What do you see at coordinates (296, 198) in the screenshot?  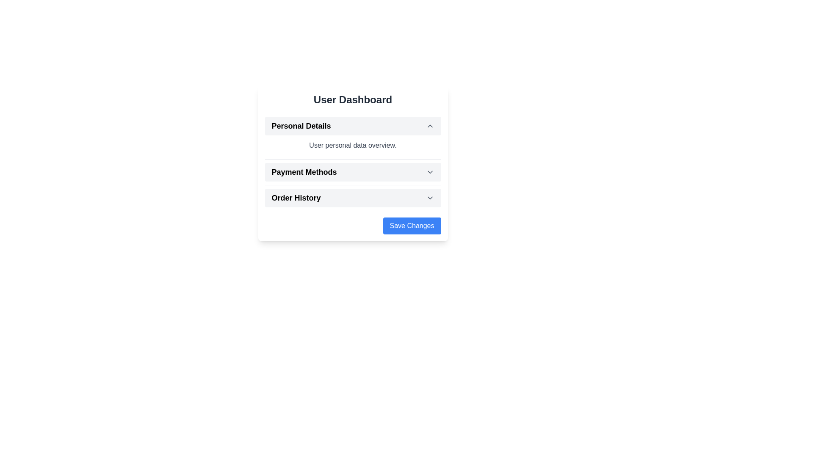 I see `the bold black text label 'Order History' located in the third section of the vertical list on the user dashboard` at bounding box center [296, 198].